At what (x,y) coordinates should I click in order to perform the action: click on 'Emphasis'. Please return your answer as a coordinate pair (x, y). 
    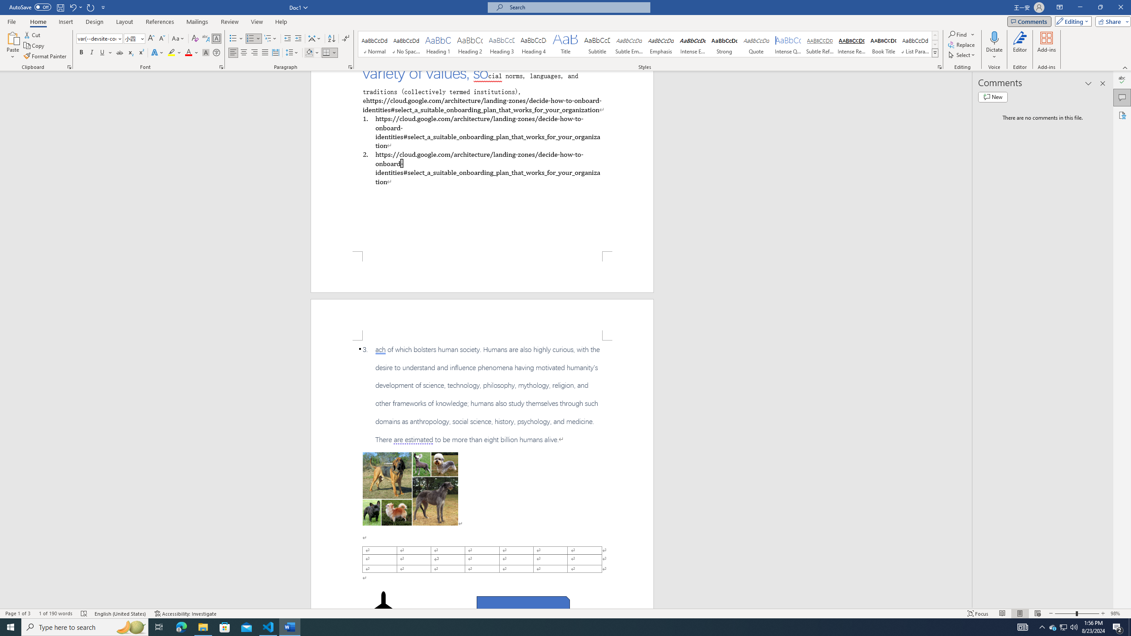
    Looking at the image, I should click on (660, 44).